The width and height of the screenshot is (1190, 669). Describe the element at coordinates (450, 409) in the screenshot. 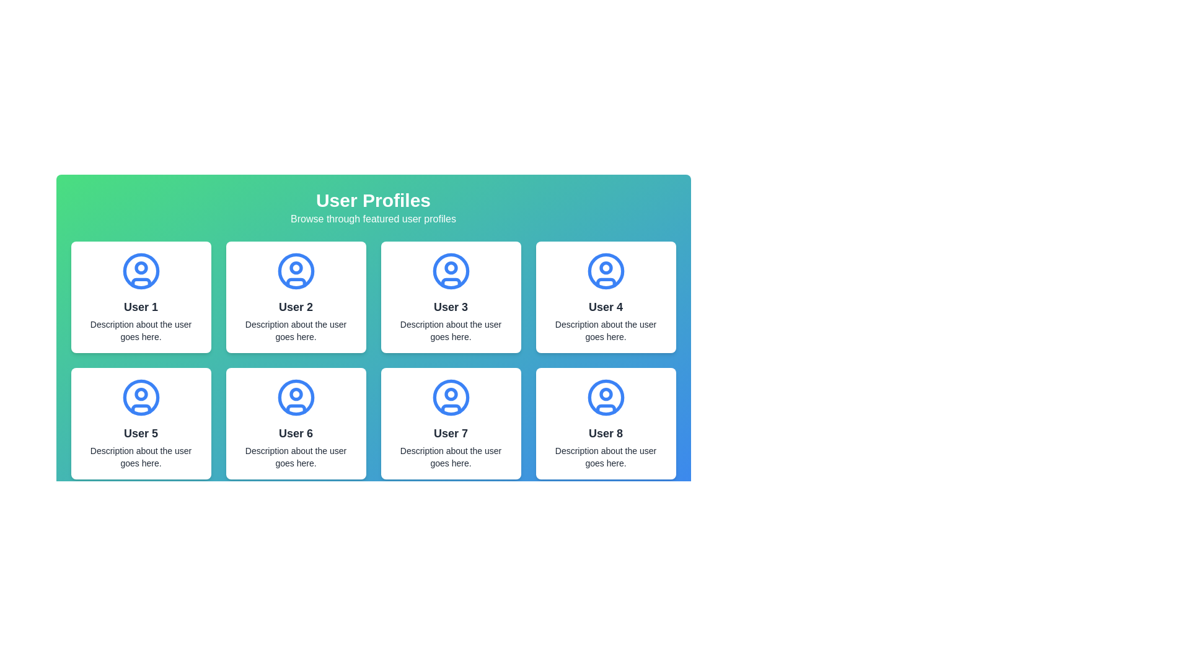

I see `the bottom part of the user profile icon within the seventh profile card in the grid` at that location.